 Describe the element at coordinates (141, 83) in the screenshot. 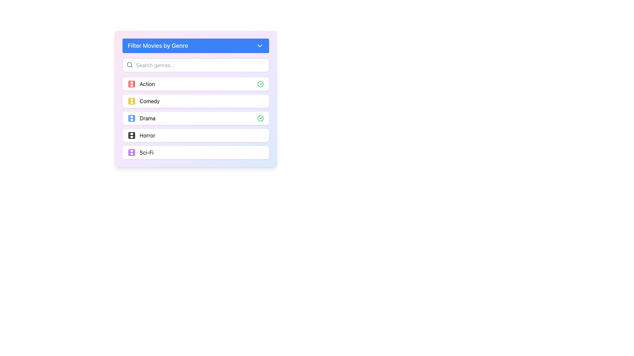

I see `the first item in the list with a red outlined film icon and the text 'Action' in bold black font, located beneath the 'Filter Movies by Genre' header` at that location.